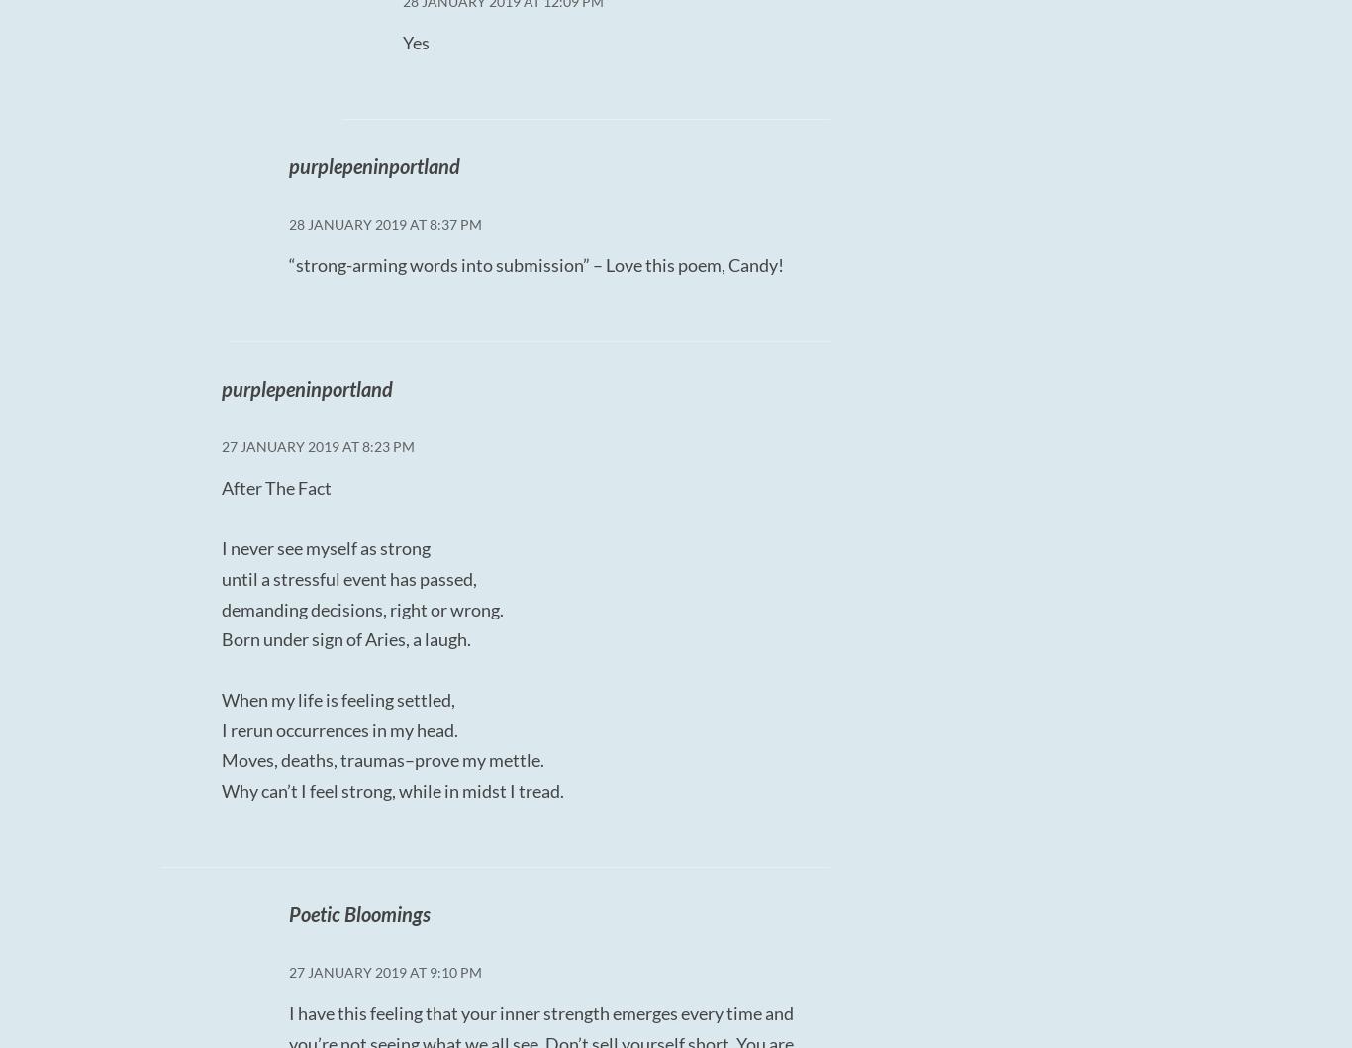  I want to click on 'Poetic Bloomings', so click(357, 913).